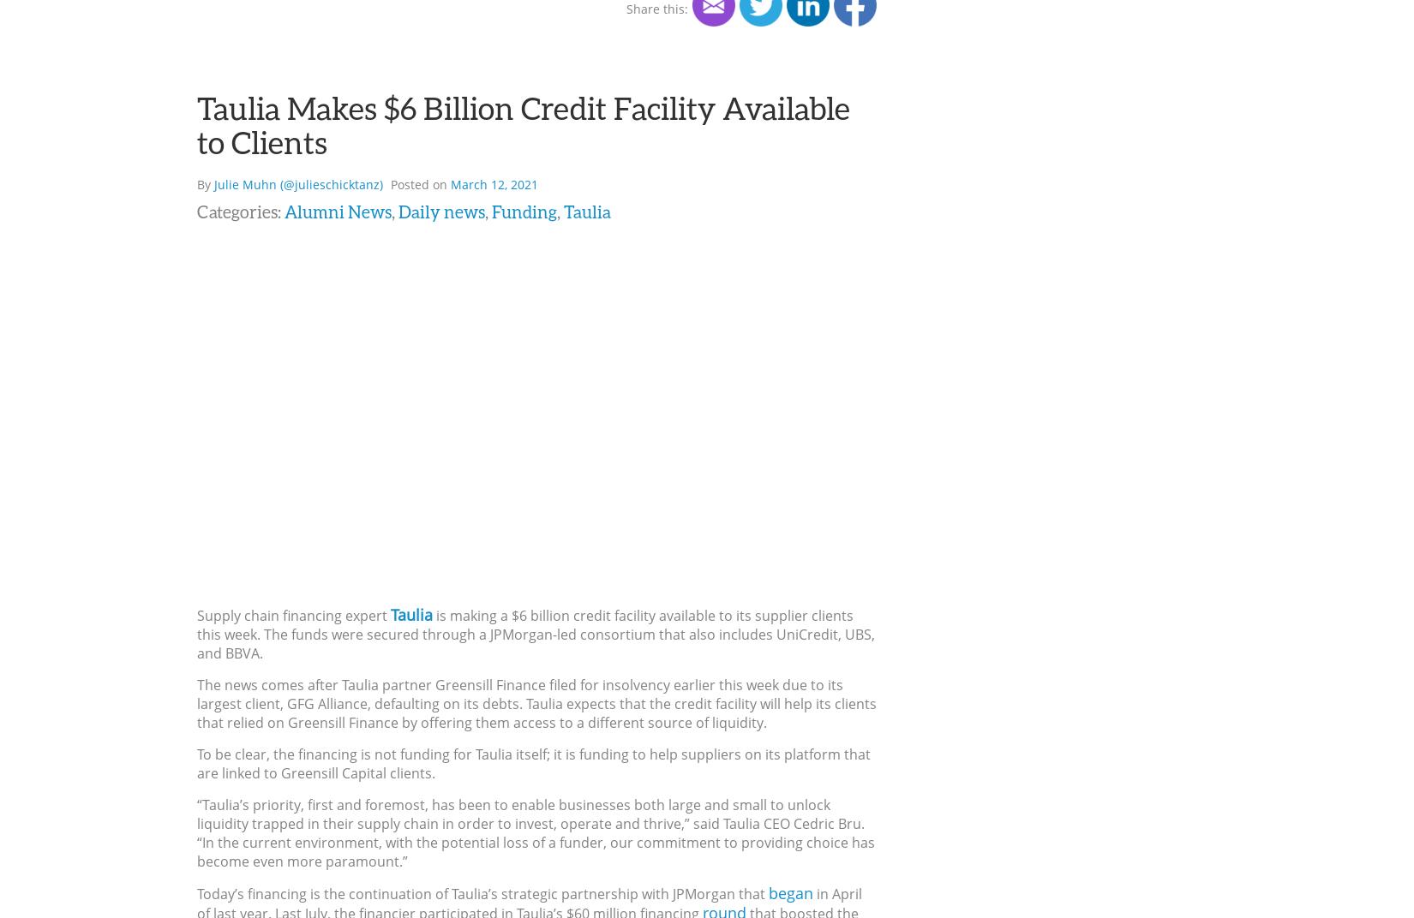 This screenshot has height=918, width=1414. I want to click on 'By', so click(206, 184).